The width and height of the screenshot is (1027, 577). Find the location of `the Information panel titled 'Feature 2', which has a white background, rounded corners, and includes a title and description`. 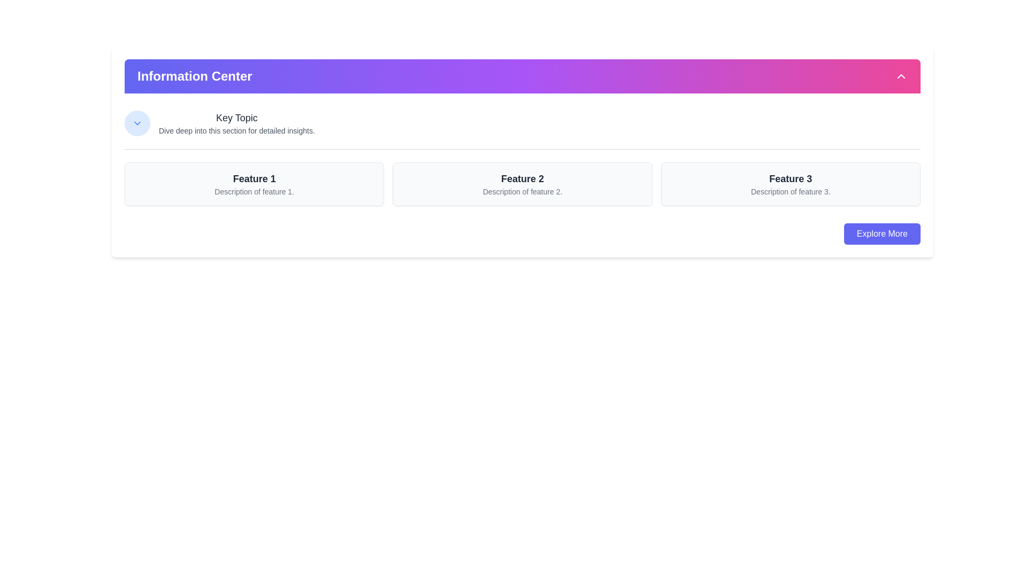

the Information panel titled 'Feature 2', which has a white background, rounded corners, and includes a title and description is located at coordinates (522, 183).